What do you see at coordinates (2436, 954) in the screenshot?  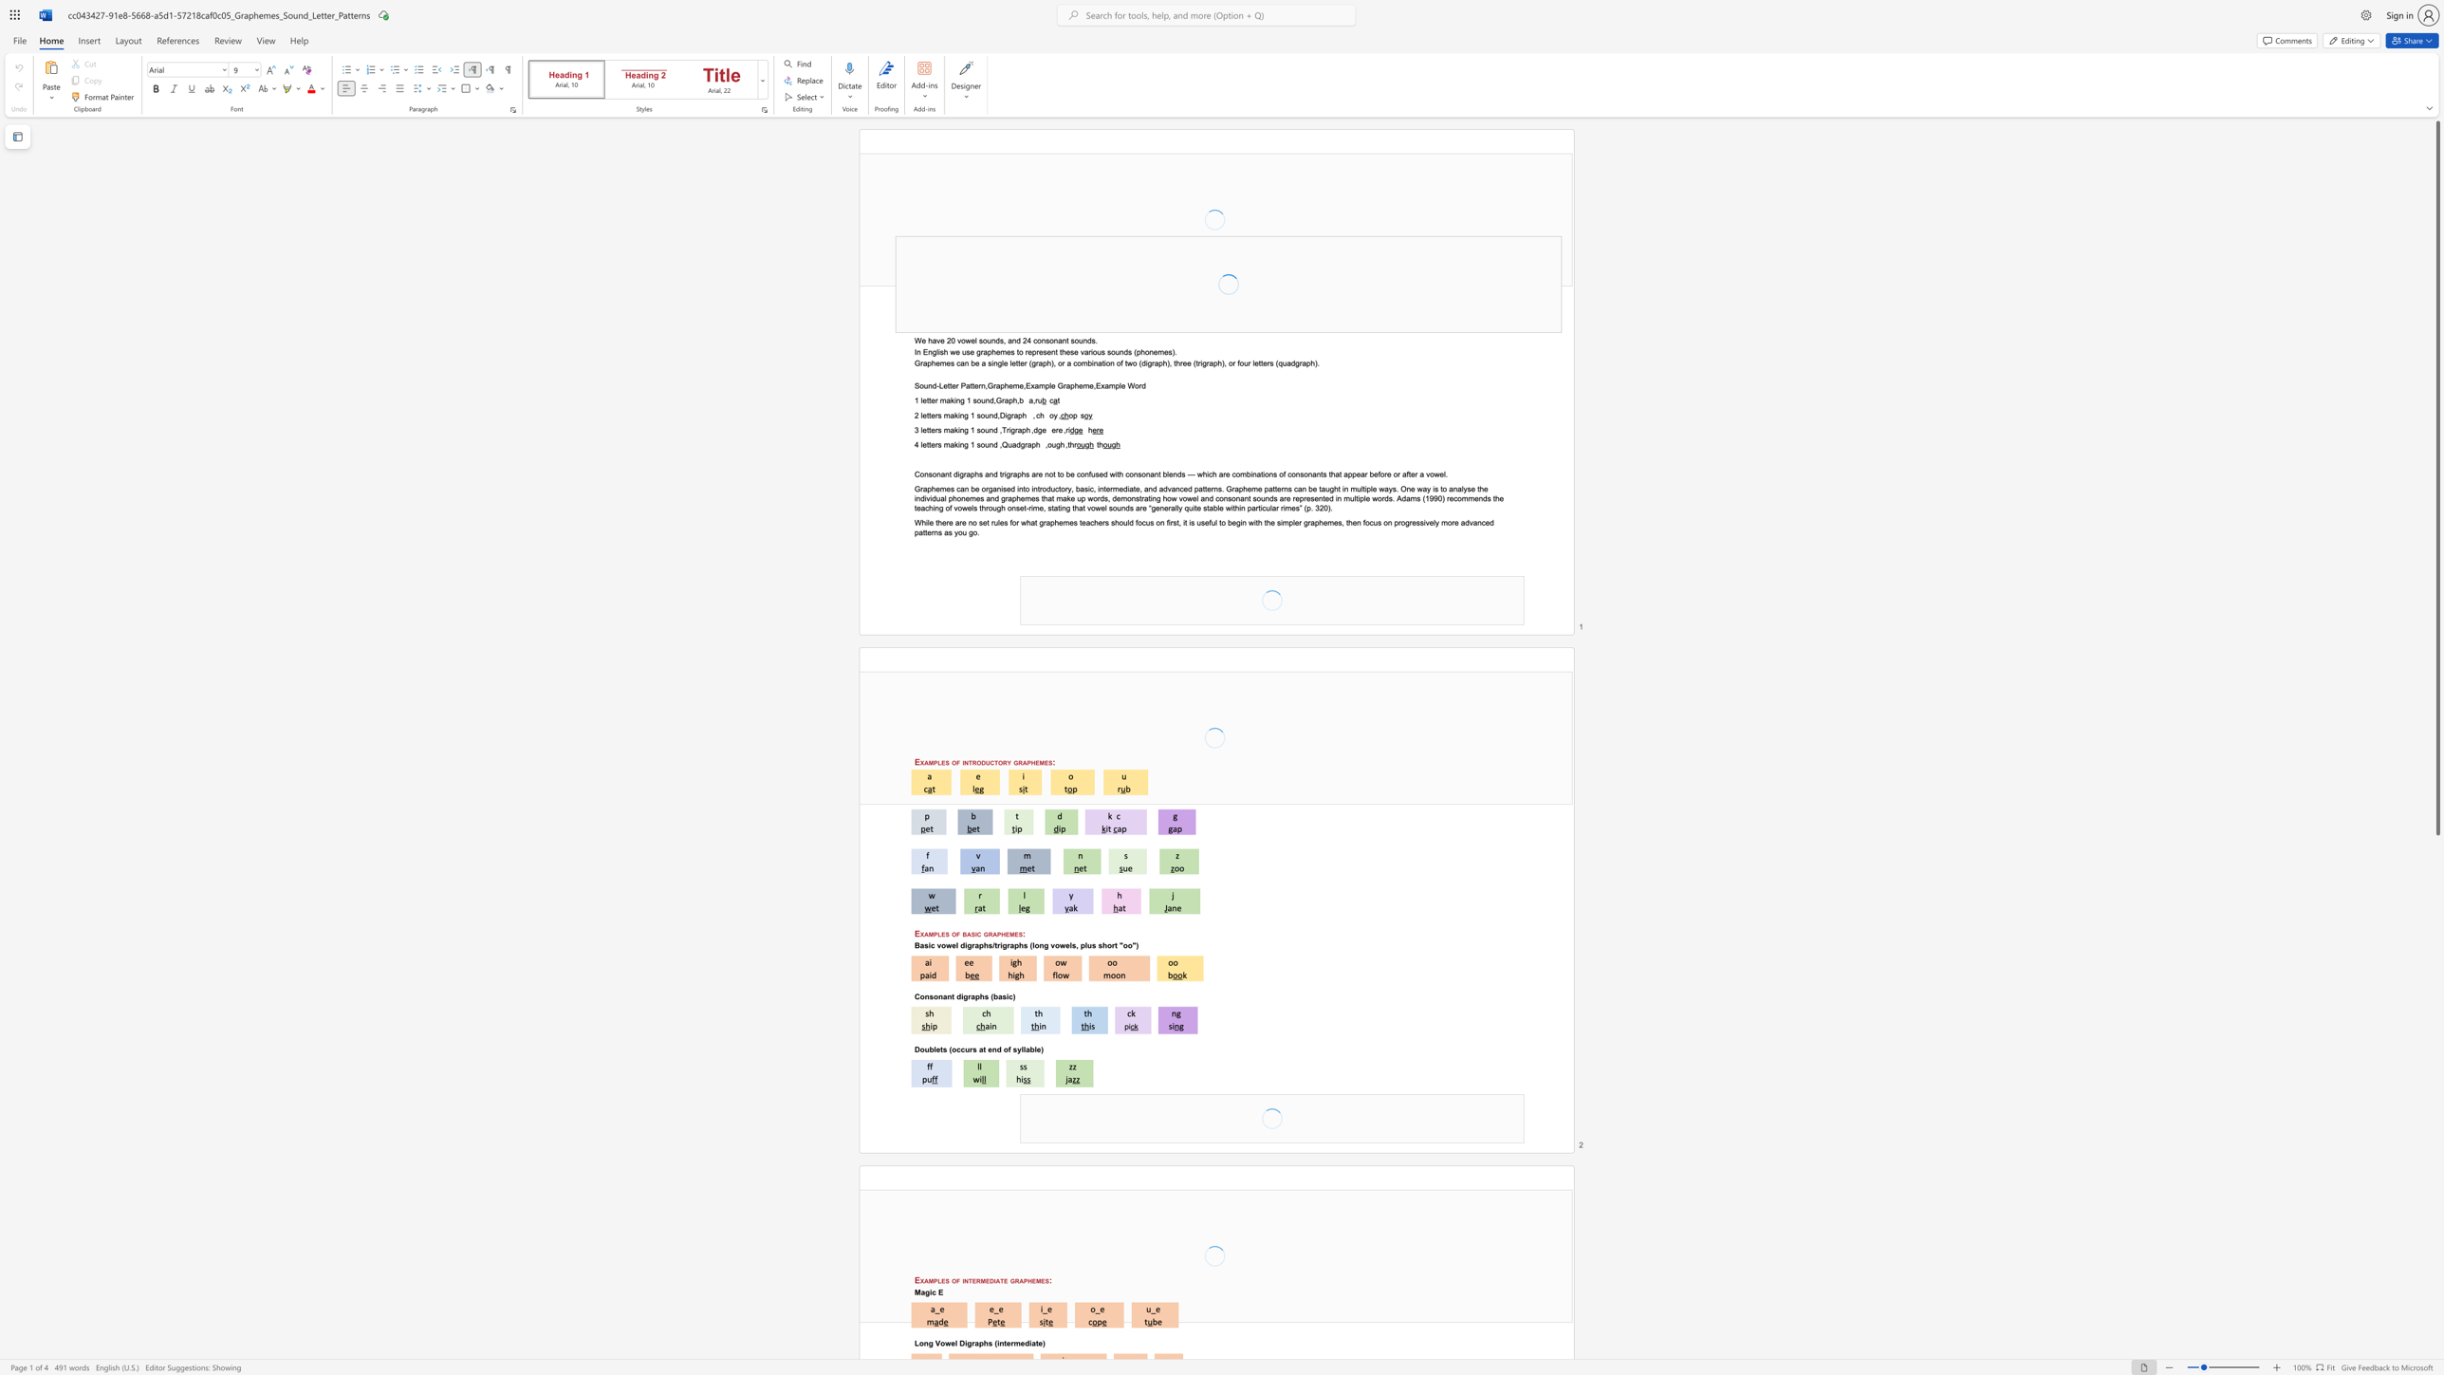 I see `the right-hand scrollbar to descend the page` at bounding box center [2436, 954].